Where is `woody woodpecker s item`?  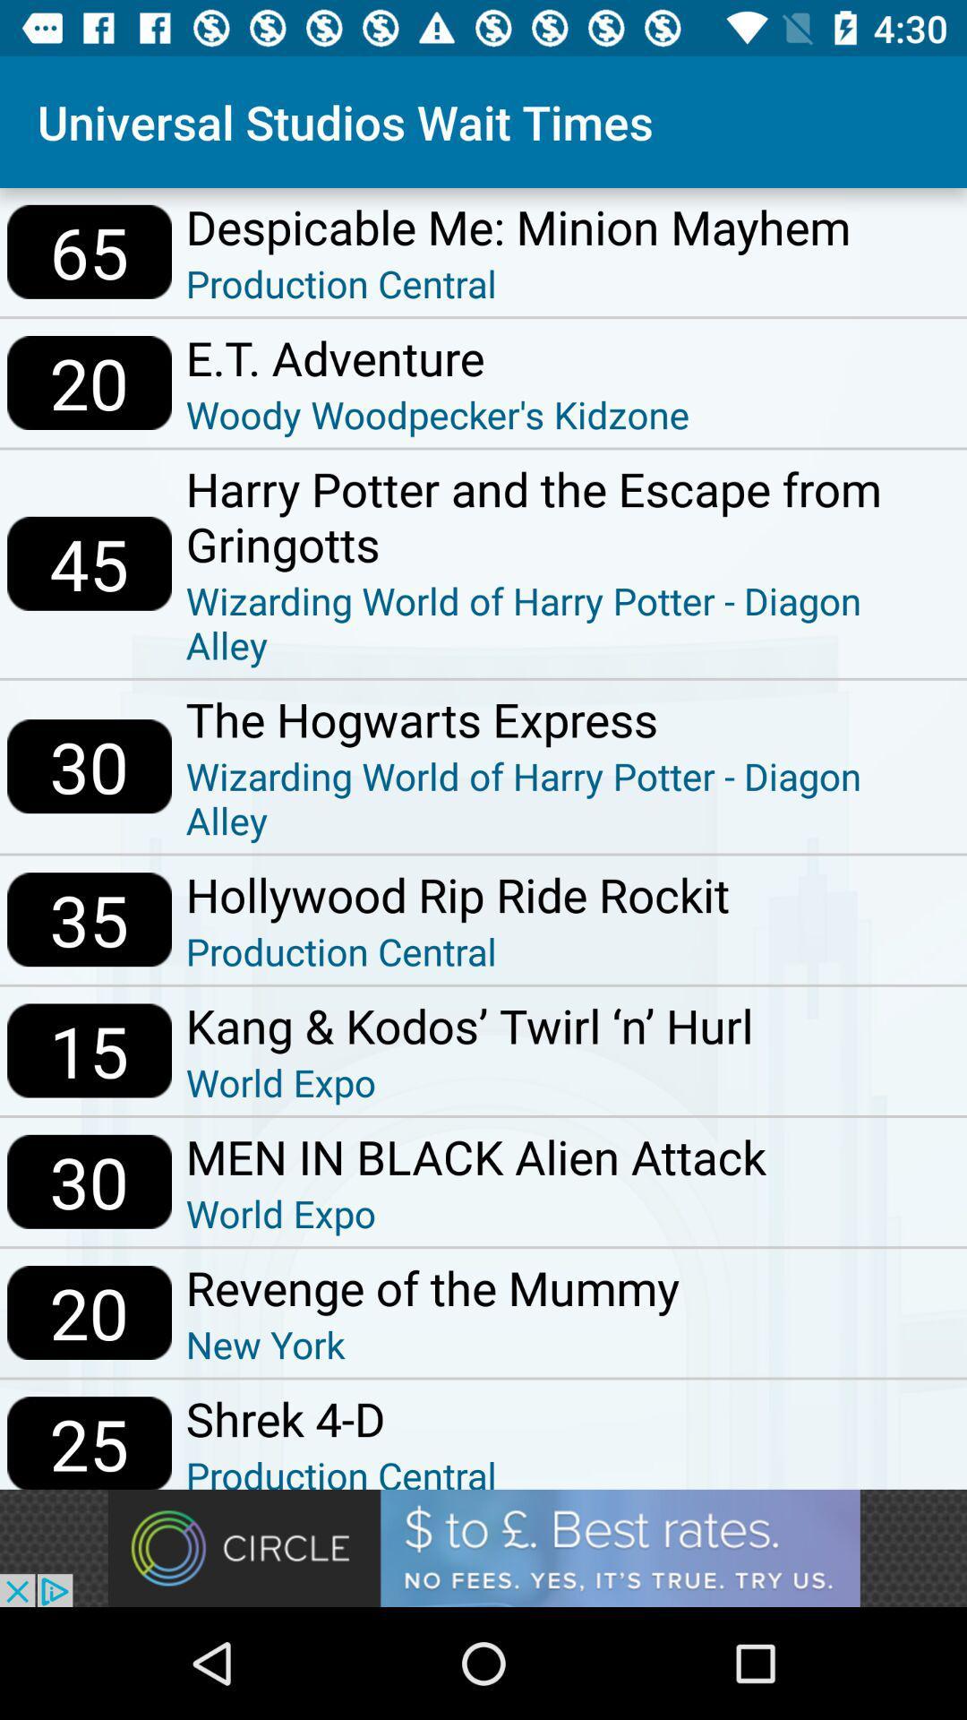
woody woodpecker s item is located at coordinates (438, 413).